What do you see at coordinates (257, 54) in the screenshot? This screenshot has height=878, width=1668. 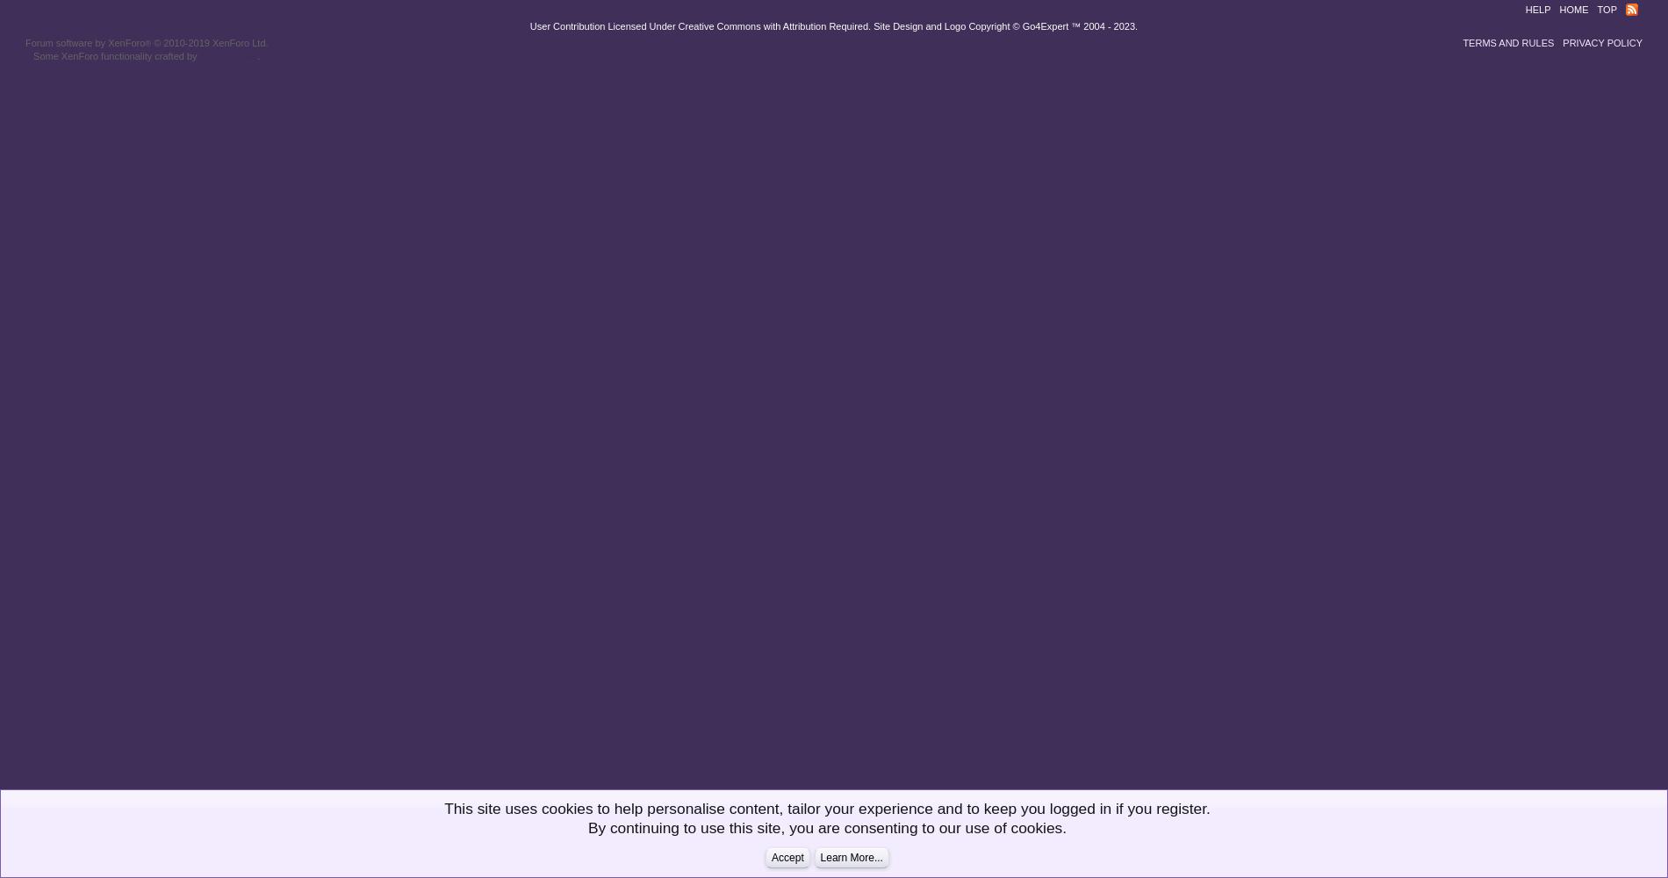 I see `'.'` at bounding box center [257, 54].